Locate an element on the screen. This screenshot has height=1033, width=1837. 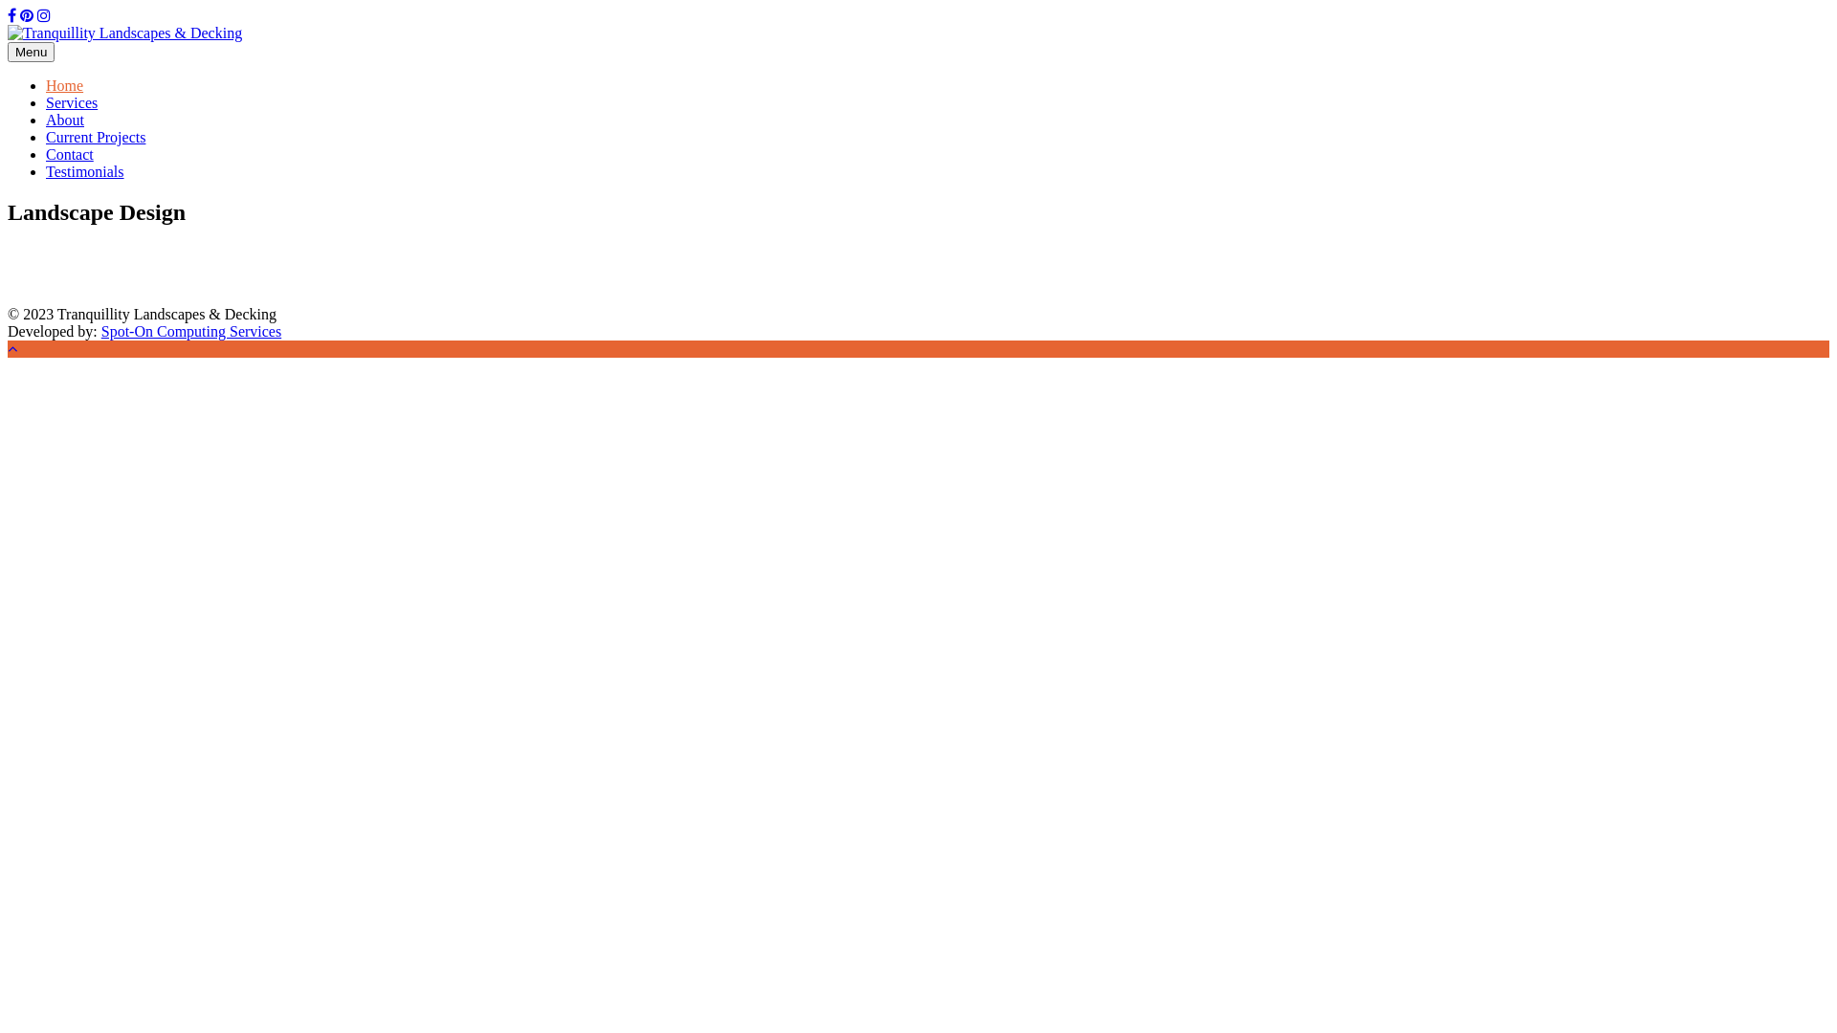
'Services' is located at coordinates (72, 102).